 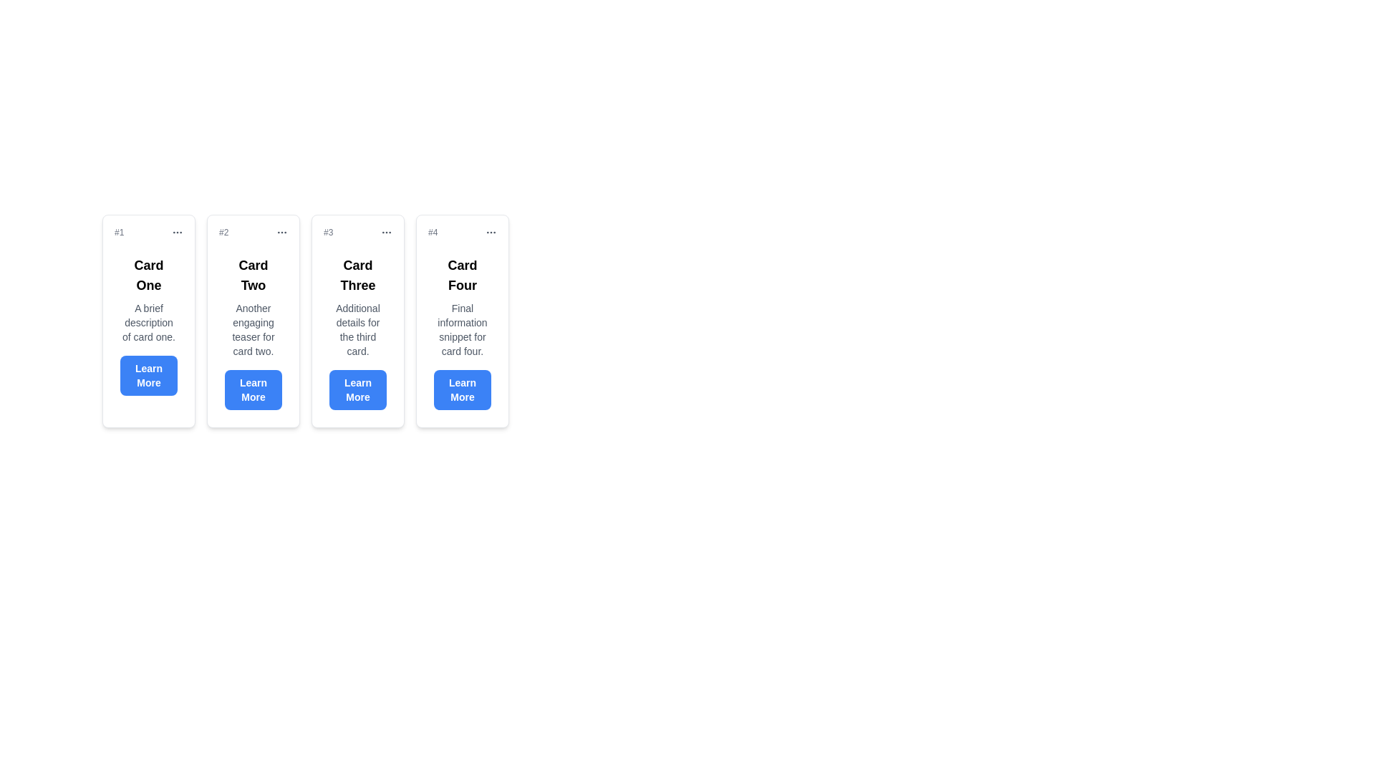 What do you see at coordinates (119, 231) in the screenshot?
I see `the small gray text element displaying '#1' located at the top center of the first card in a horizontal list` at bounding box center [119, 231].